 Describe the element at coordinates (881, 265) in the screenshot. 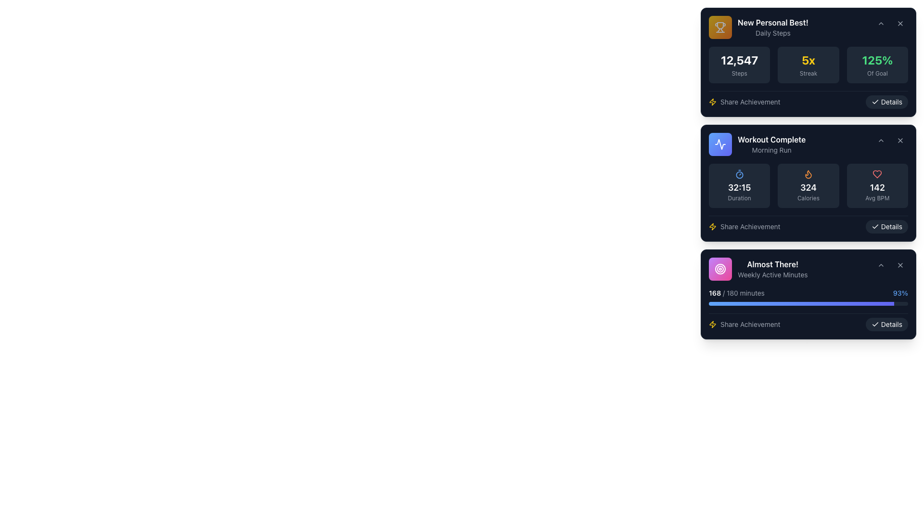

I see `the collapsible SVG icon located at the top right corner of the 'Almost There! Weekly Active Minutes' card` at that location.